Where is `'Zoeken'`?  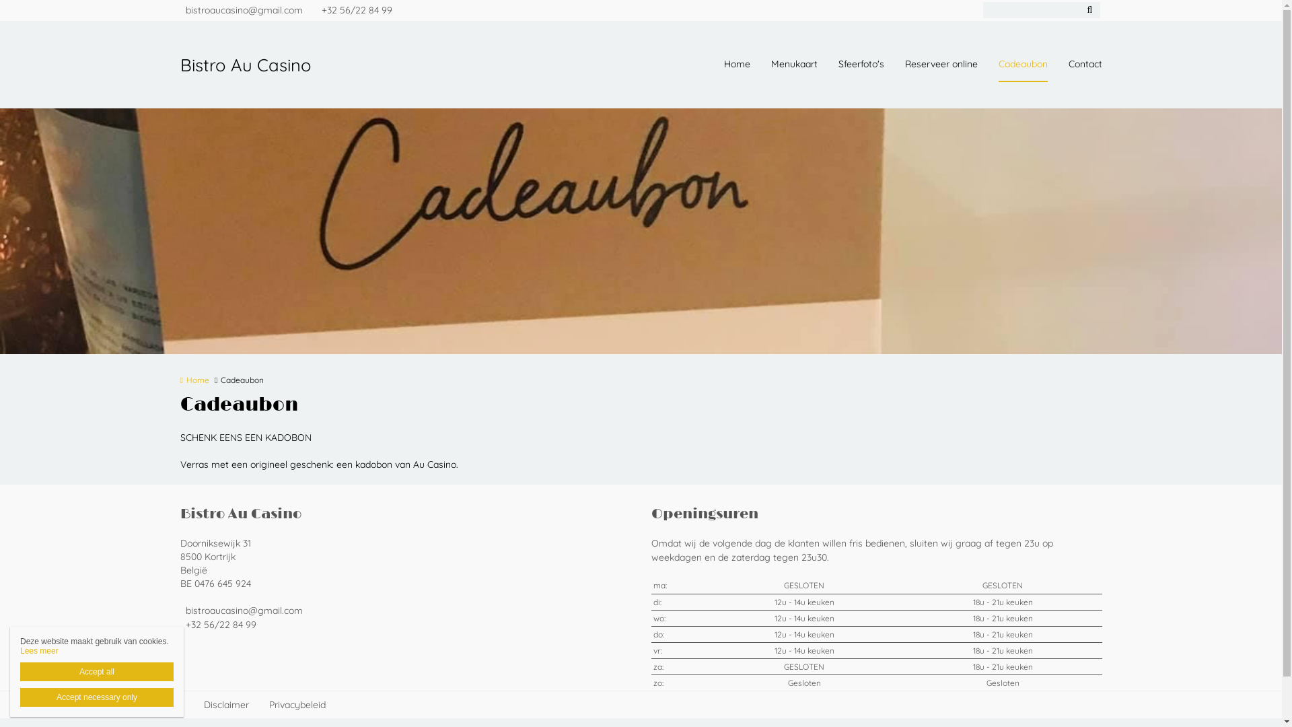
'Zoeken' is located at coordinates (1089, 10).